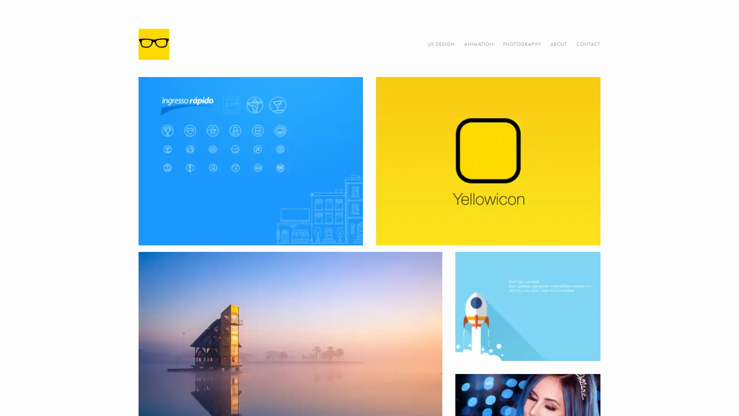 The image size is (739, 416). What do you see at coordinates (527, 306) in the screenshot?
I see `View fullsize Trully excellent!` at bounding box center [527, 306].